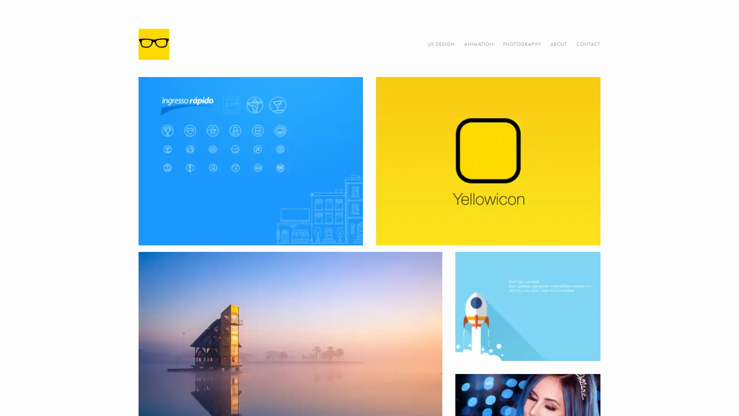 The image size is (739, 416). What do you see at coordinates (527, 306) in the screenshot?
I see `View fullsize Trully excellent!` at bounding box center [527, 306].